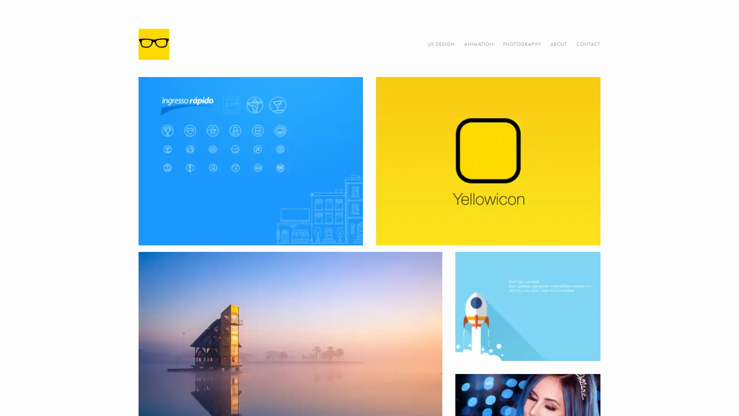 The image size is (739, 416). What do you see at coordinates (527, 306) in the screenshot?
I see `View fullsize Trully excellent!` at bounding box center [527, 306].